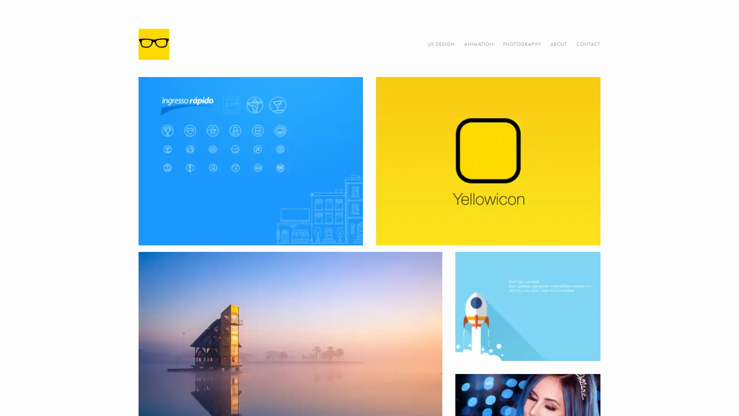 The image size is (739, 416). What do you see at coordinates (527, 306) in the screenshot?
I see `View fullsize Trully excellent!` at bounding box center [527, 306].